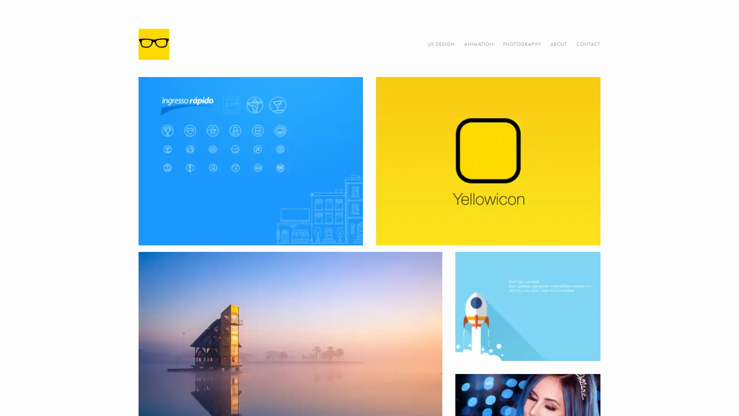 The image size is (739, 416). What do you see at coordinates (527, 306) in the screenshot?
I see `View fullsize Trully excellent!` at bounding box center [527, 306].